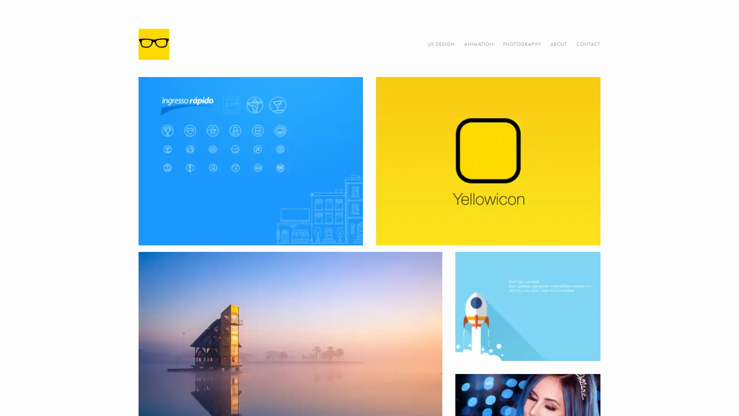 The image size is (739, 416). What do you see at coordinates (527, 306) in the screenshot?
I see `View fullsize Trully excellent!` at bounding box center [527, 306].